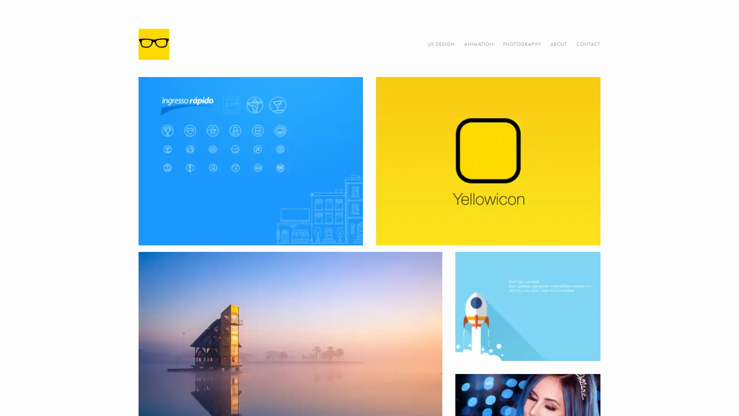 The image size is (739, 416). What do you see at coordinates (527, 306) in the screenshot?
I see `View fullsize Trully excellent!` at bounding box center [527, 306].